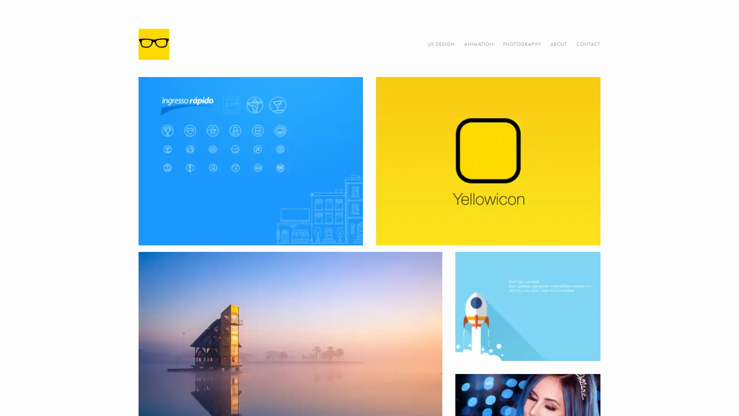 The image size is (739, 416). What do you see at coordinates (527, 306) in the screenshot?
I see `View fullsize Trully excellent!` at bounding box center [527, 306].